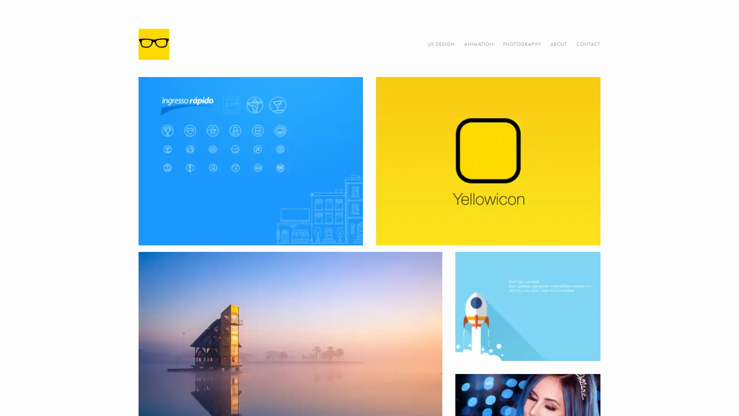 The image size is (739, 416). What do you see at coordinates (527, 306) in the screenshot?
I see `View fullsize Trully excellent!` at bounding box center [527, 306].